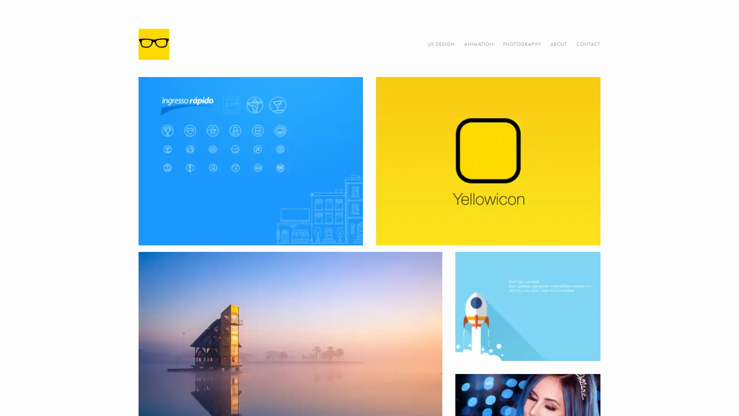 The image size is (739, 416). What do you see at coordinates (527, 306) in the screenshot?
I see `View fullsize Trully excellent!` at bounding box center [527, 306].